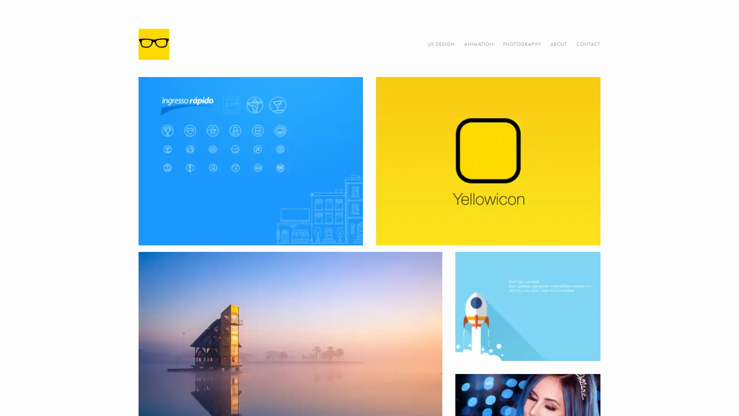 The image size is (739, 416). What do you see at coordinates (527, 306) in the screenshot?
I see `View fullsize Trully excellent!` at bounding box center [527, 306].